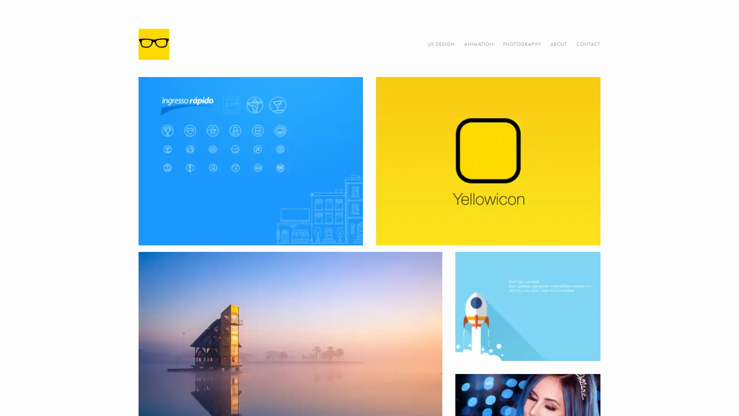 The image size is (739, 416). What do you see at coordinates (527, 306) in the screenshot?
I see `View fullsize Trully excellent!` at bounding box center [527, 306].